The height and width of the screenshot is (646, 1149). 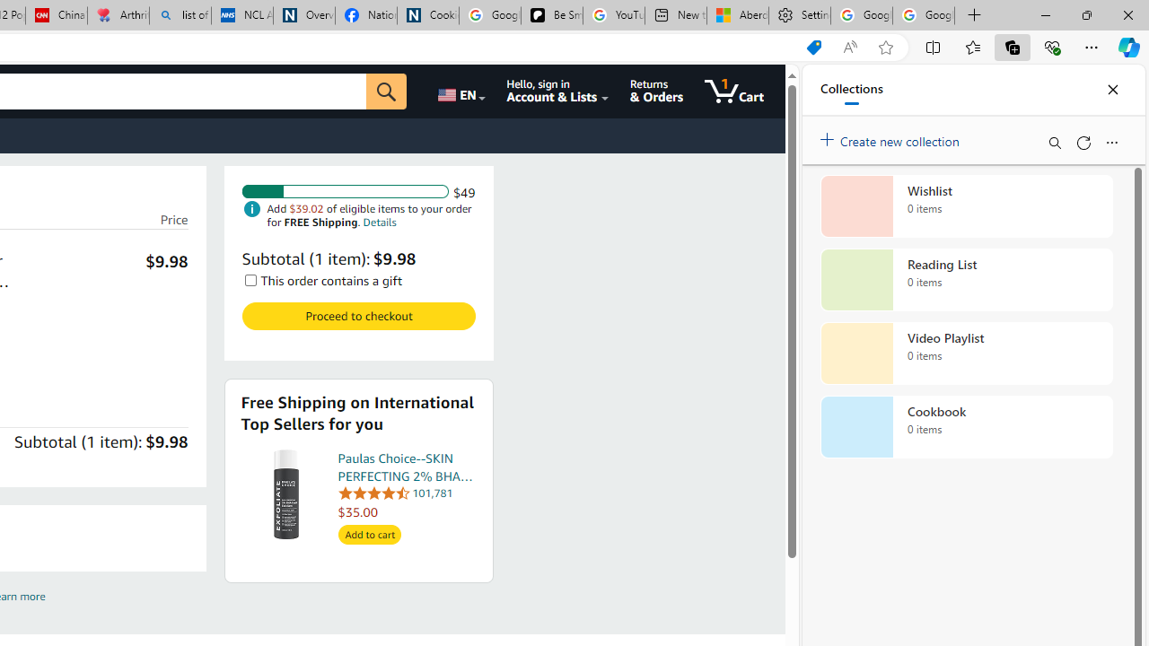 What do you see at coordinates (733, 91) in the screenshot?
I see `'1 item in cart'` at bounding box center [733, 91].